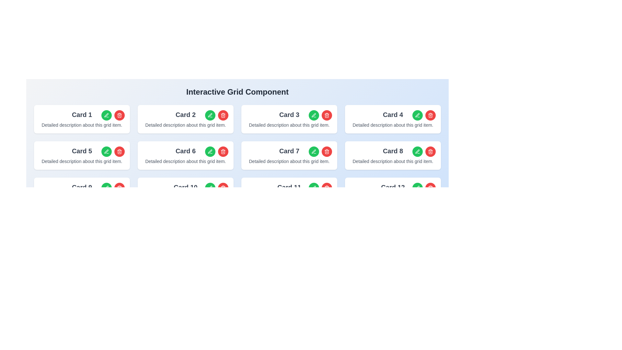 This screenshot has height=350, width=622. What do you see at coordinates (223, 115) in the screenshot?
I see `the trash can icon button located in the top-right corner of 'Card 2'` at bounding box center [223, 115].